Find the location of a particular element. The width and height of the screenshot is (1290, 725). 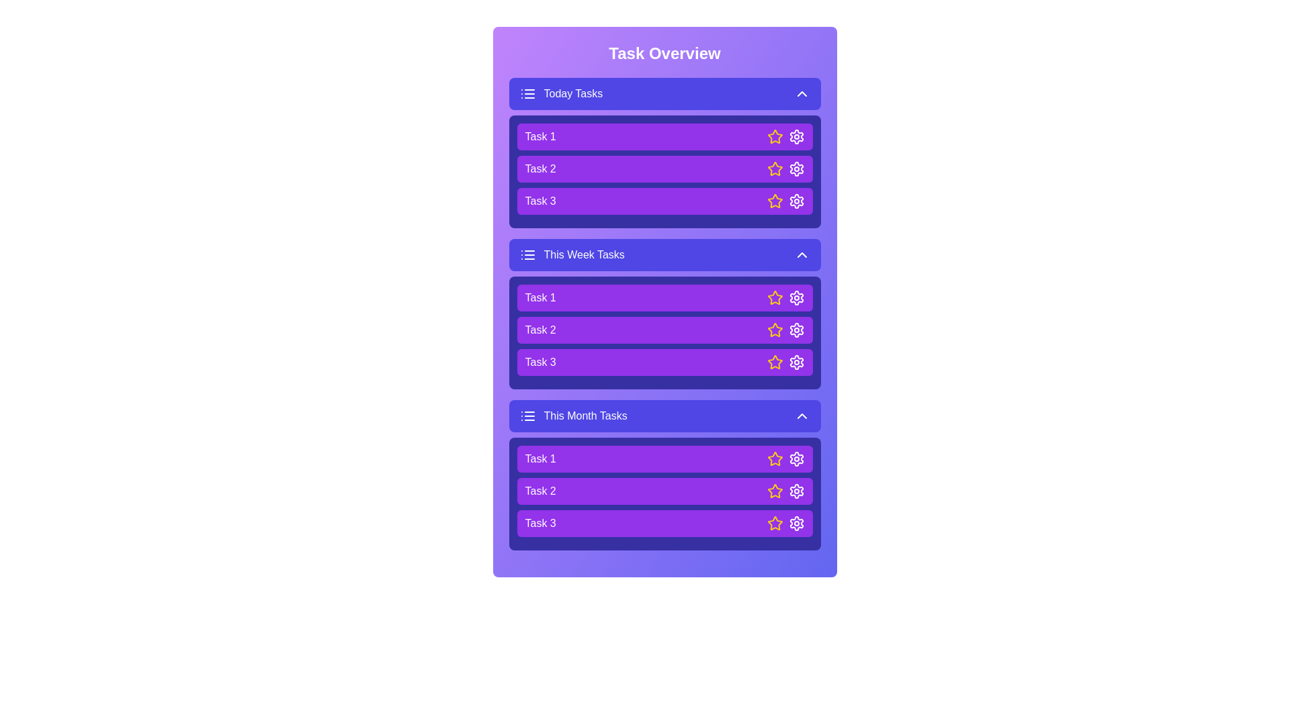

the list icon to toggle the visibility of the task list is located at coordinates (527, 93).